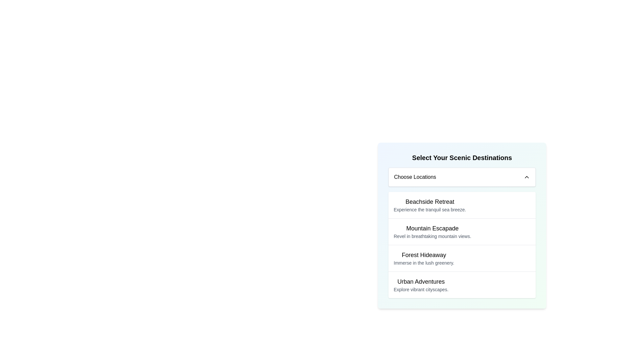 This screenshot has height=355, width=631. Describe the element at coordinates (421, 289) in the screenshot. I see `the descriptive text element located directly below the 'Urban Adventures' option in the dropdown menu 'Select Your Scenic Destinations'` at that location.